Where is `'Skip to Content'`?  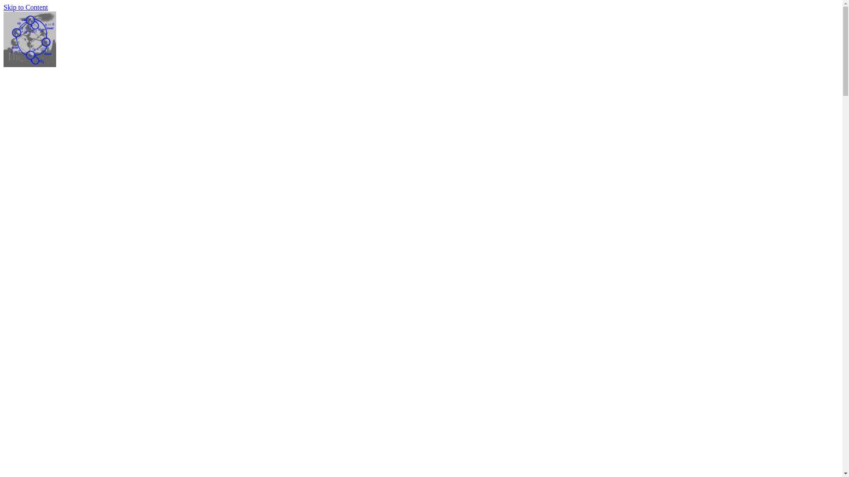
'Skip to Content' is located at coordinates (25, 7).